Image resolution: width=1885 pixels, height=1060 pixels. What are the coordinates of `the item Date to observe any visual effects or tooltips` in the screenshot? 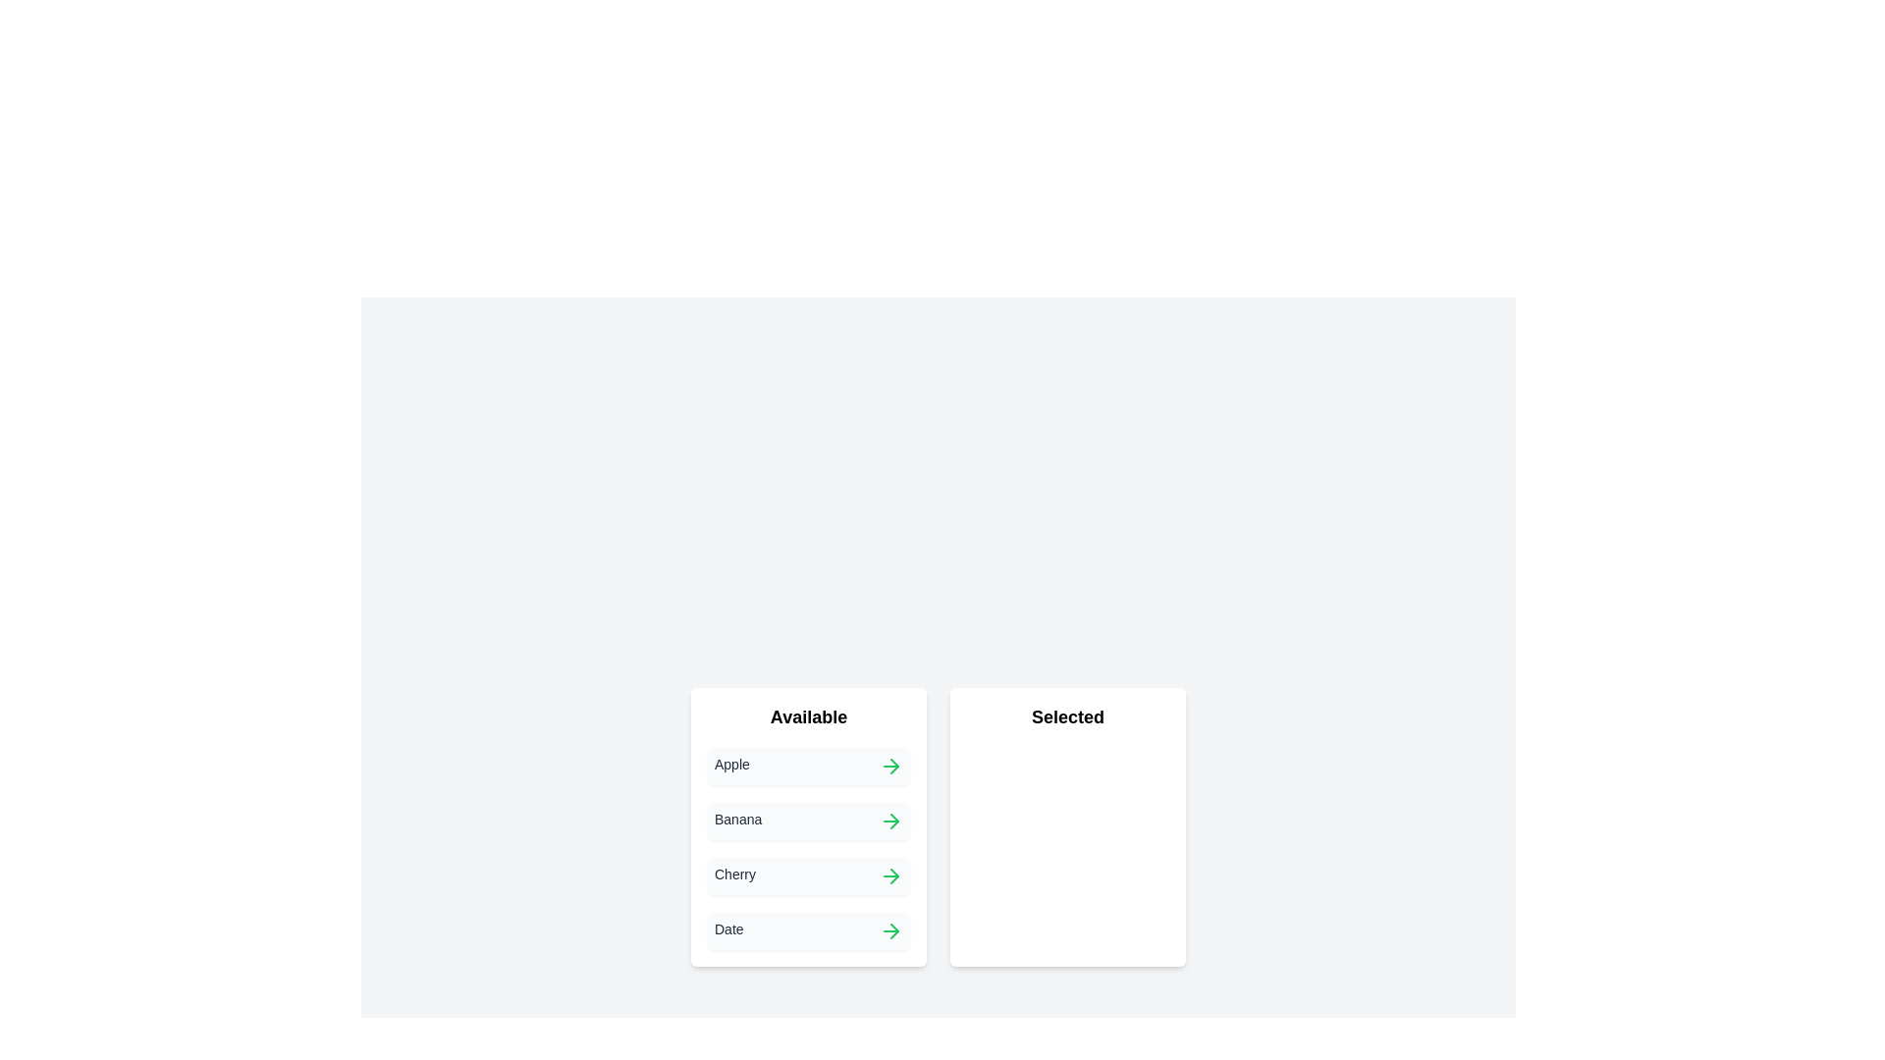 It's located at (809, 929).